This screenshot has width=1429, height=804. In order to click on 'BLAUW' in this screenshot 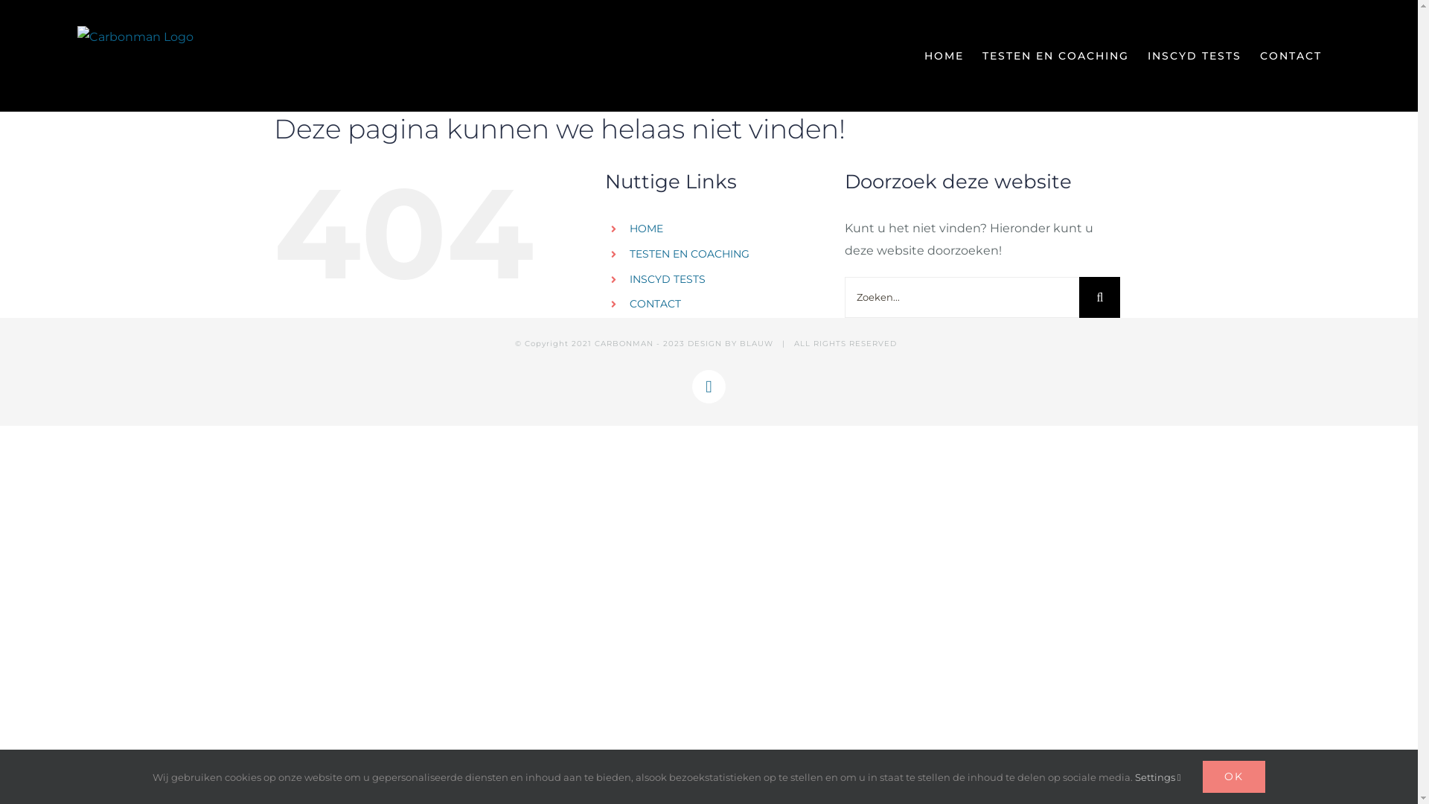, I will do `click(756, 343)`.